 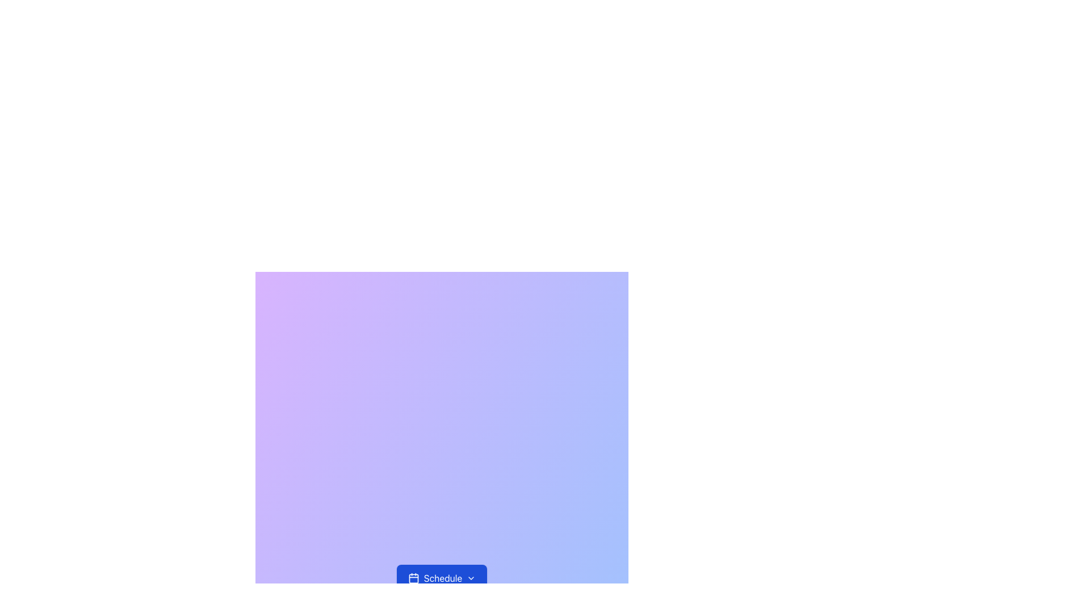 What do you see at coordinates (471, 578) in the screenshot?
I see `the small downward-pointing chevron icon located on the right side of the 'Schedule' button` at bounding box center [471, 578].